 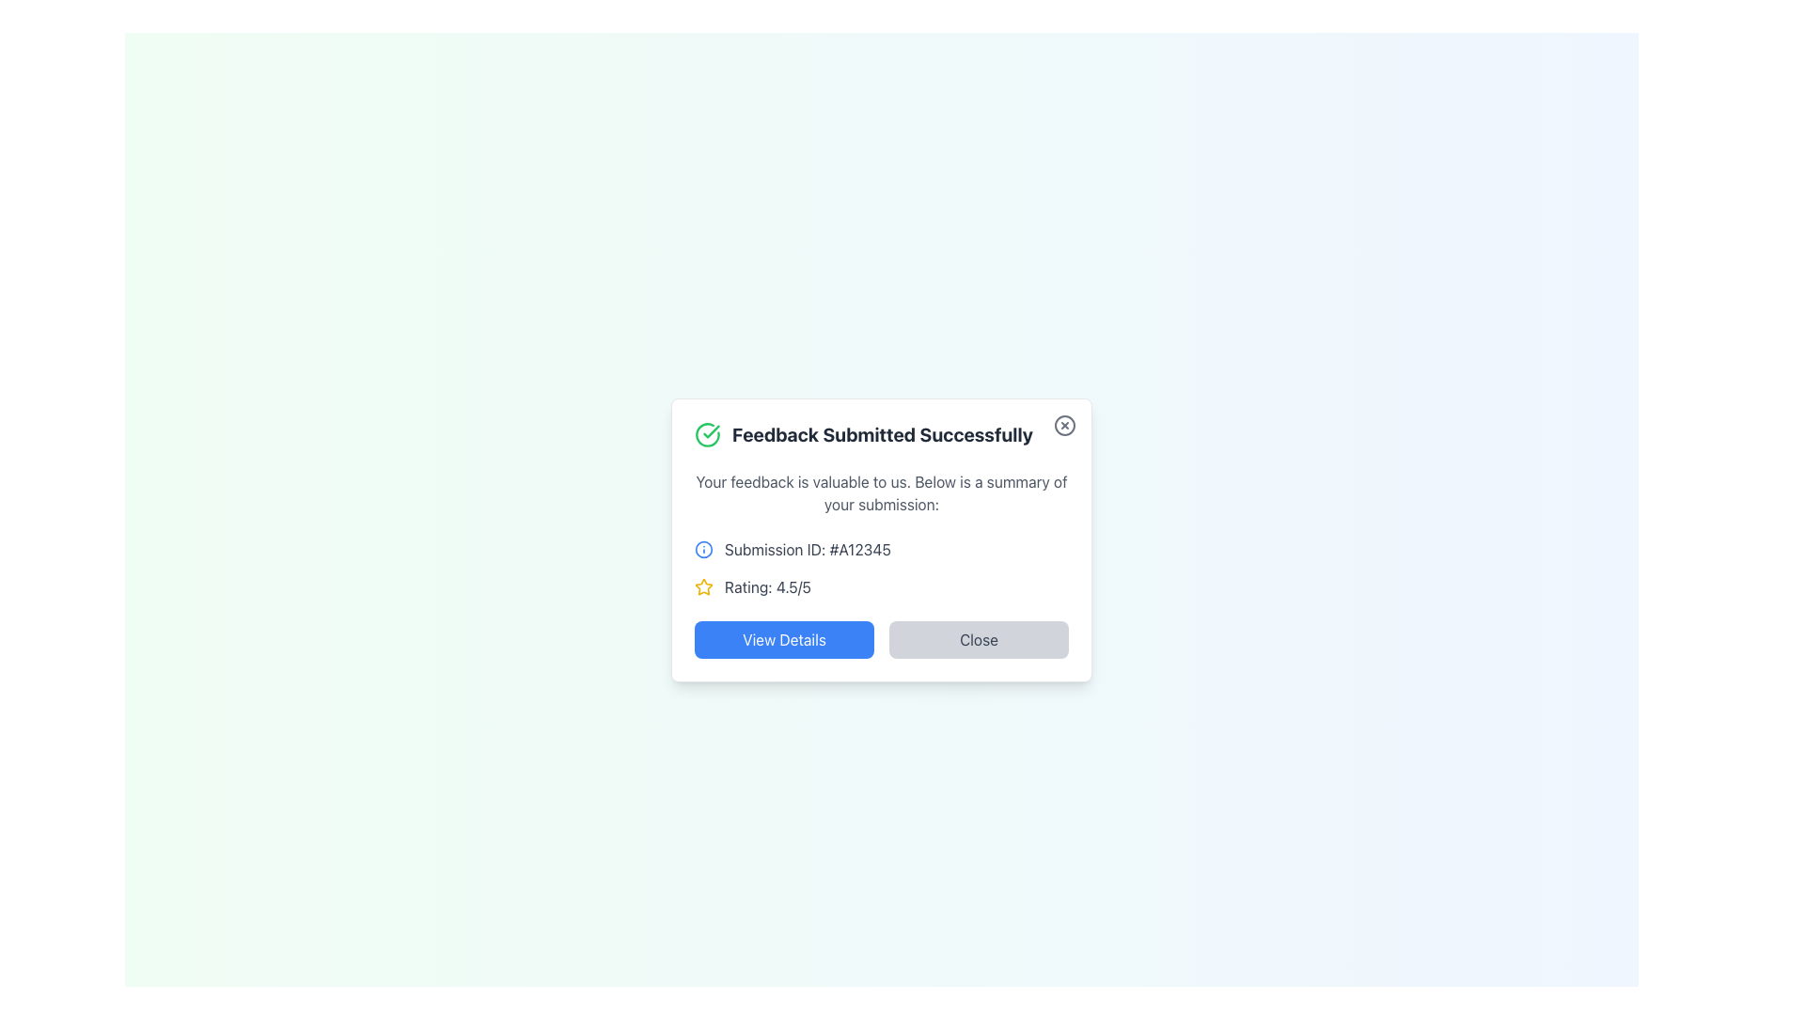 What do you see at coordinates (702, 586) in the screenshot?
I see `the yellow star-shaped icon representing a rating, positioned to the left of the text 'Rating: 4.5/5'` at bounding box center [702, 586].